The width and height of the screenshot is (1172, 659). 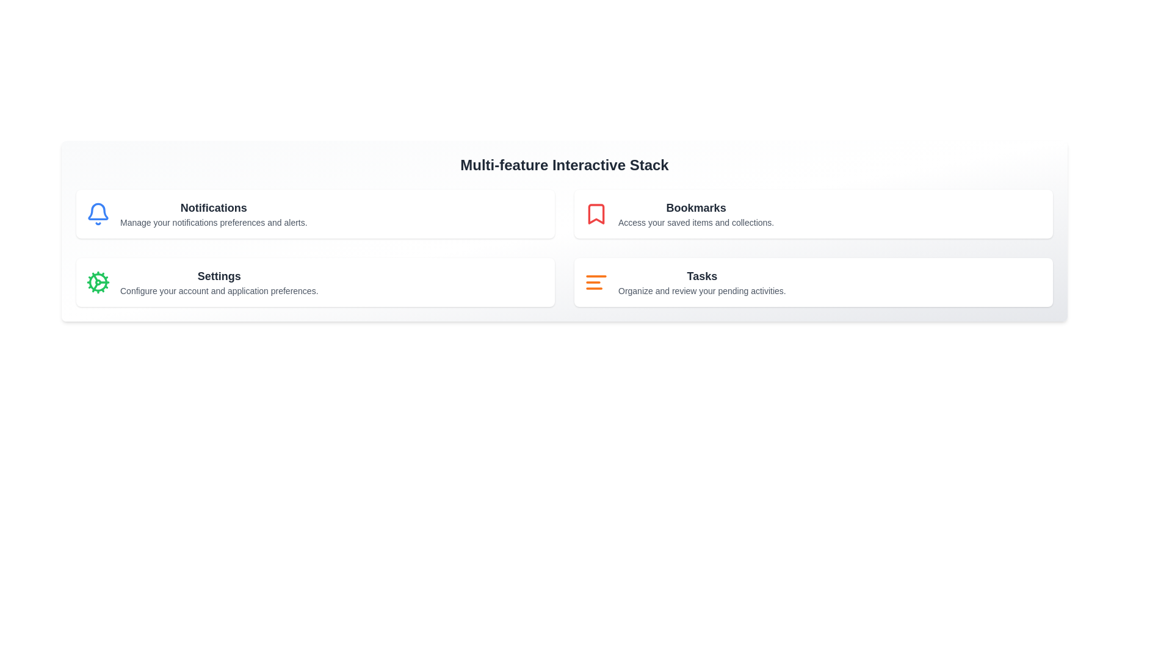 What do you see at coordinates (696, 214) in the screenshot?
I see `the informational text label describing the 'Bookmarks' feature located in the upper-right quadrant of the interface, following the red bookmark icon` at bounding box center [696, 214].